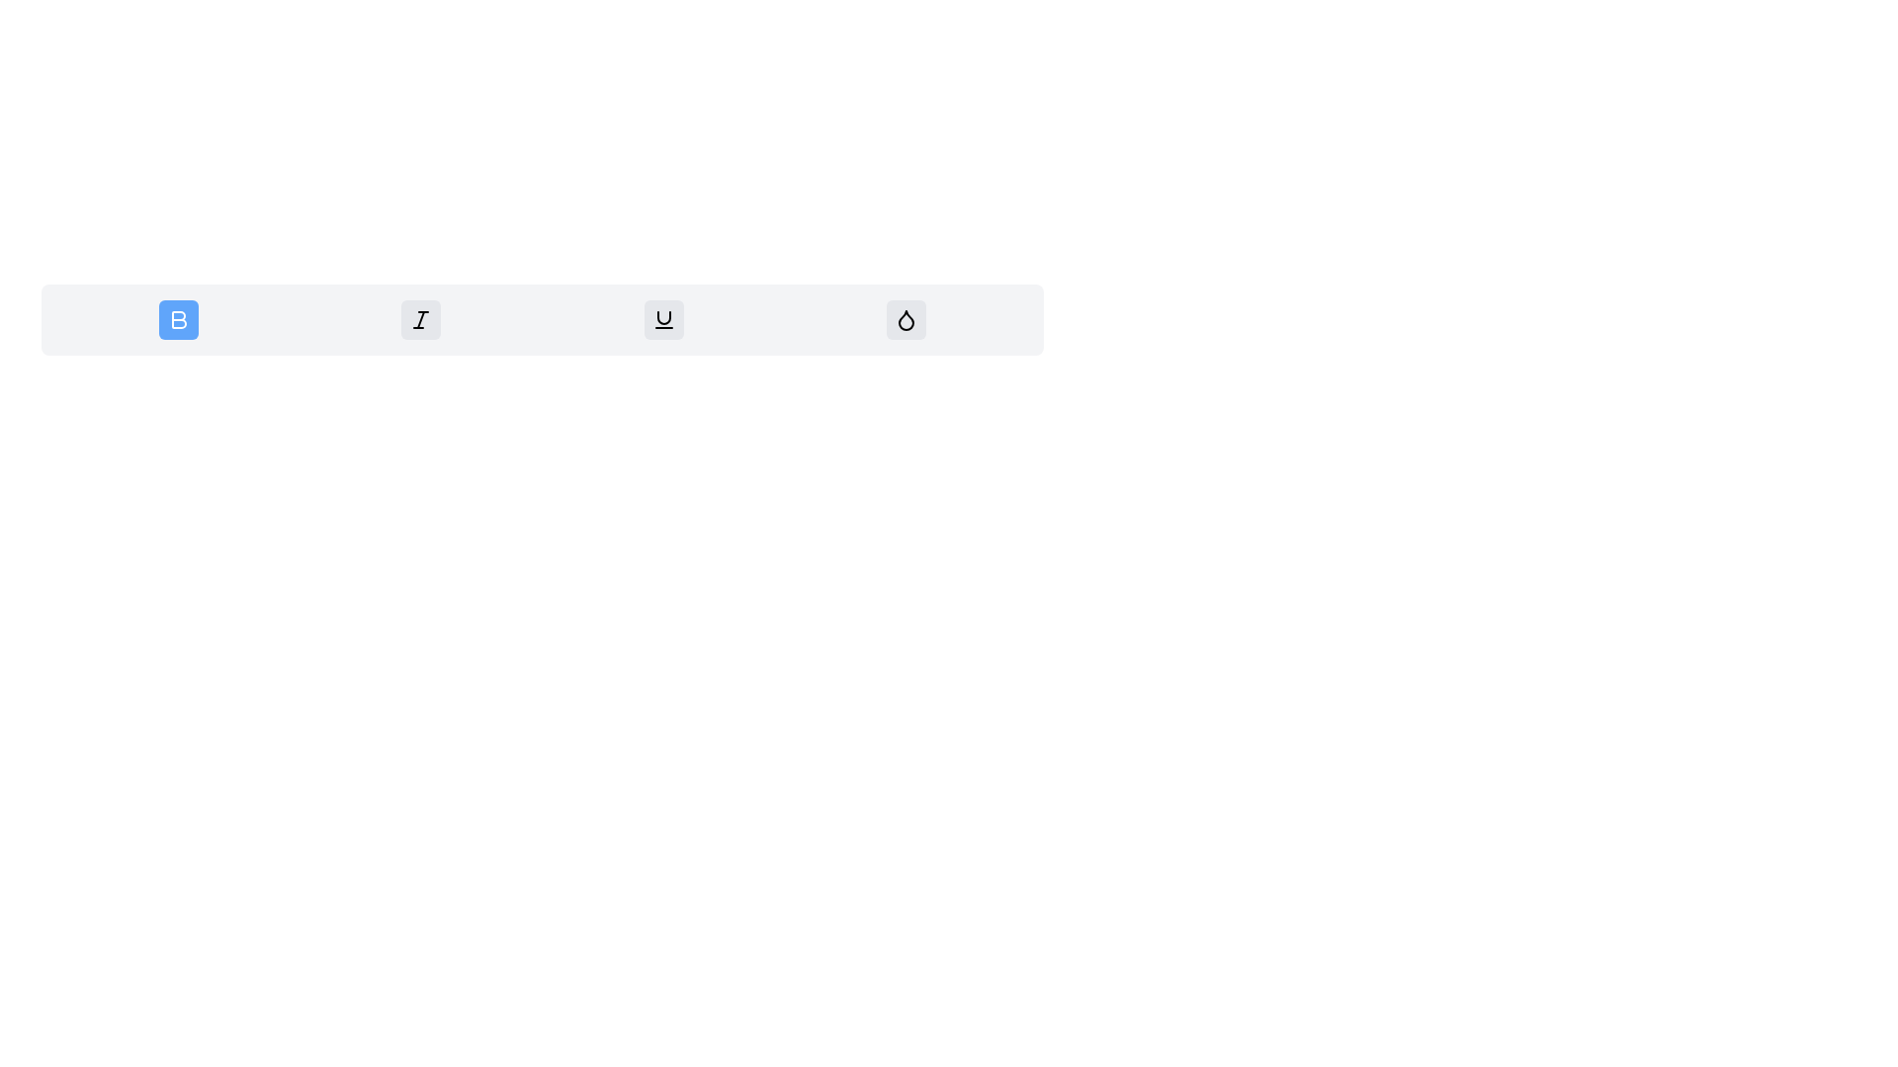  What do you see at coordinates (420, 319) in the screenshot?
I see `the stroke or line within the Italic formatting button icon located centrally within the toolbar region` at bounding box center [420, 319].